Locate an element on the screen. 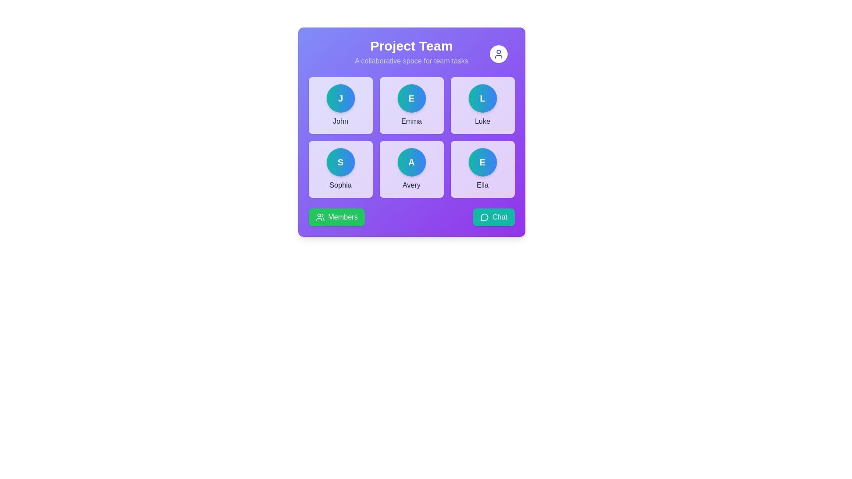 The image size is (852, 479). the circular avatar icon representing user 'Luke' is located at coordinates (482, 98).